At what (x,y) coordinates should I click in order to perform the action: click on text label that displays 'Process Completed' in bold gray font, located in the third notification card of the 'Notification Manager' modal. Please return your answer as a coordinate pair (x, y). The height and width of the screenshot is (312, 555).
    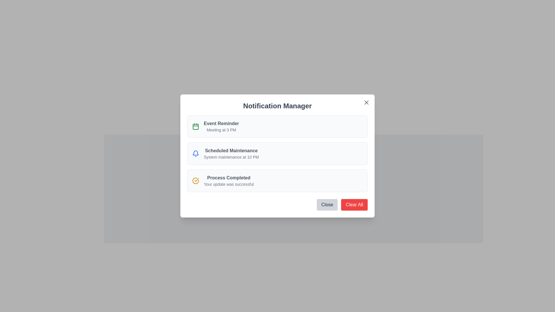
    Looking at the image, I should click on (228, 178).